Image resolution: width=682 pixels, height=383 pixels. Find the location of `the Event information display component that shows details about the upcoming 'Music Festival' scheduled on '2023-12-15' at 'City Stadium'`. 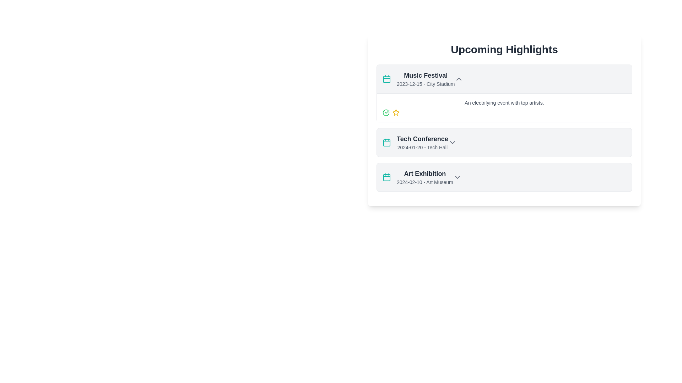

the Event information display component that shows details about the upcoming 'Music Festival' scheduled on '2023-12-15' at 'City Stadium' is located at coordinates (418, 79).